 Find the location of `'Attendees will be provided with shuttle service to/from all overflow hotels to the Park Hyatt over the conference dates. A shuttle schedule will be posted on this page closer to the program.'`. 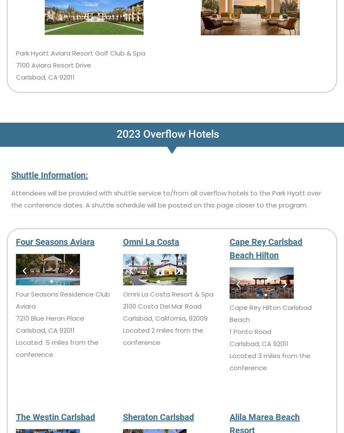

'Attendees will be provided with shuttle service to/from all overflow hotels to the Park Hyatt over the conference dates. A shuttle schedule will be posted on this page closer to the program.' is located at coordinates (11, 198).